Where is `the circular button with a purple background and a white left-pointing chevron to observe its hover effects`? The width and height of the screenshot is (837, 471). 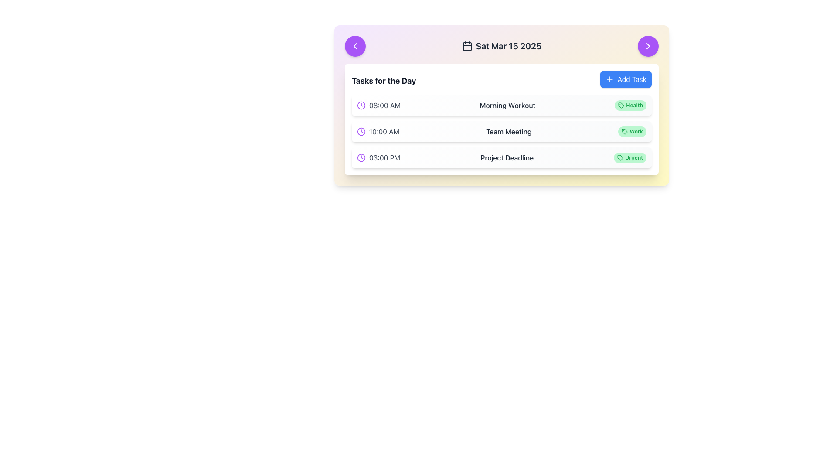
the circular button with a purple background and a white left-pointing chevron to observe its hover effects is located at coordinates (355, 46).